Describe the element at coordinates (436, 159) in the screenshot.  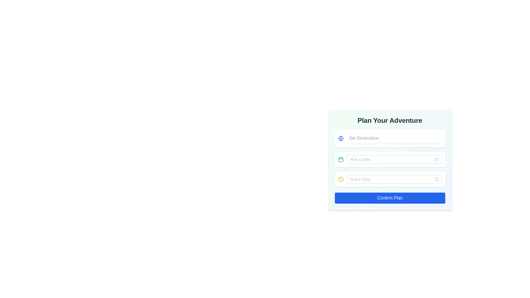
I see `the calendar icon located next to the 'Pick a Date' text field` at that location.